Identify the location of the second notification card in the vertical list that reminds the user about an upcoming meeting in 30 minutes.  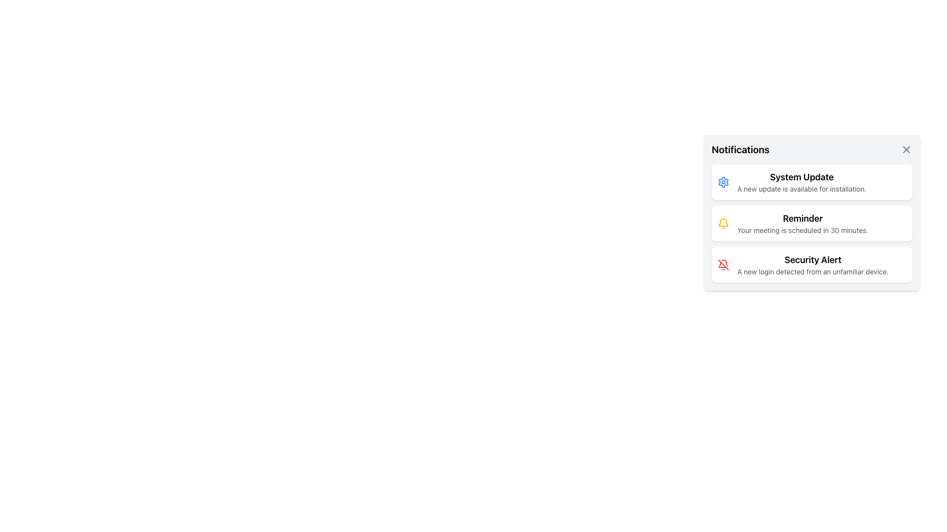
(812, 224).